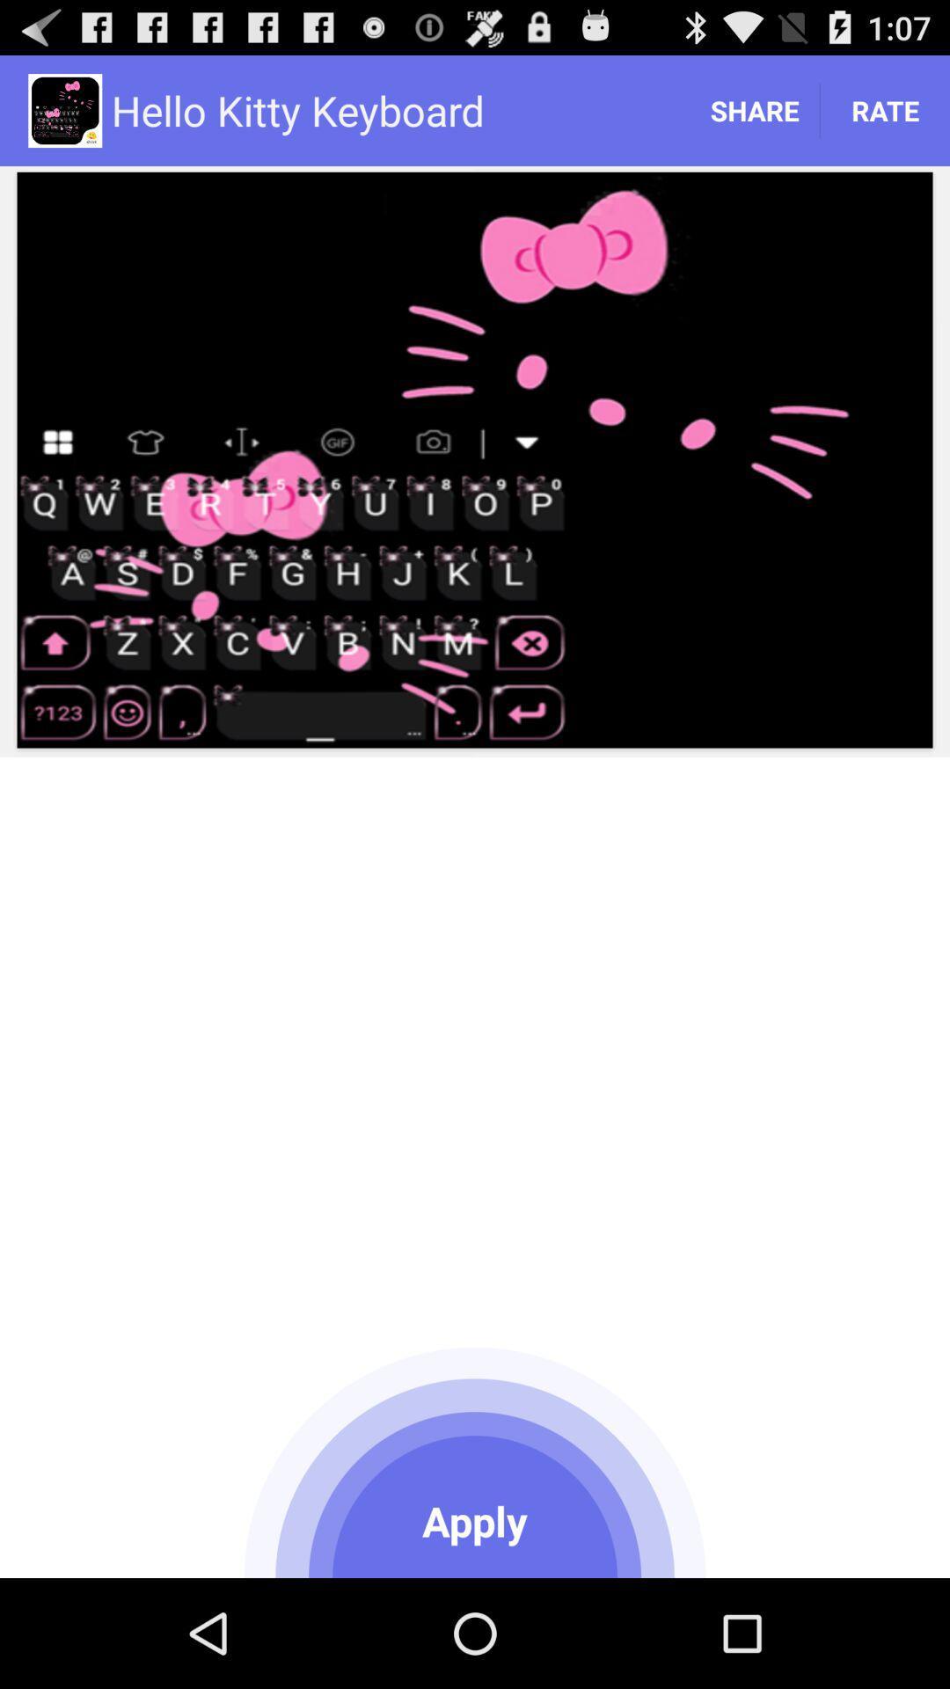 The width and height of the screenshot is (950, 1689). Describe the element at coordinates (885, 109) in the screenshot. I see `the item next to share item` at that location.